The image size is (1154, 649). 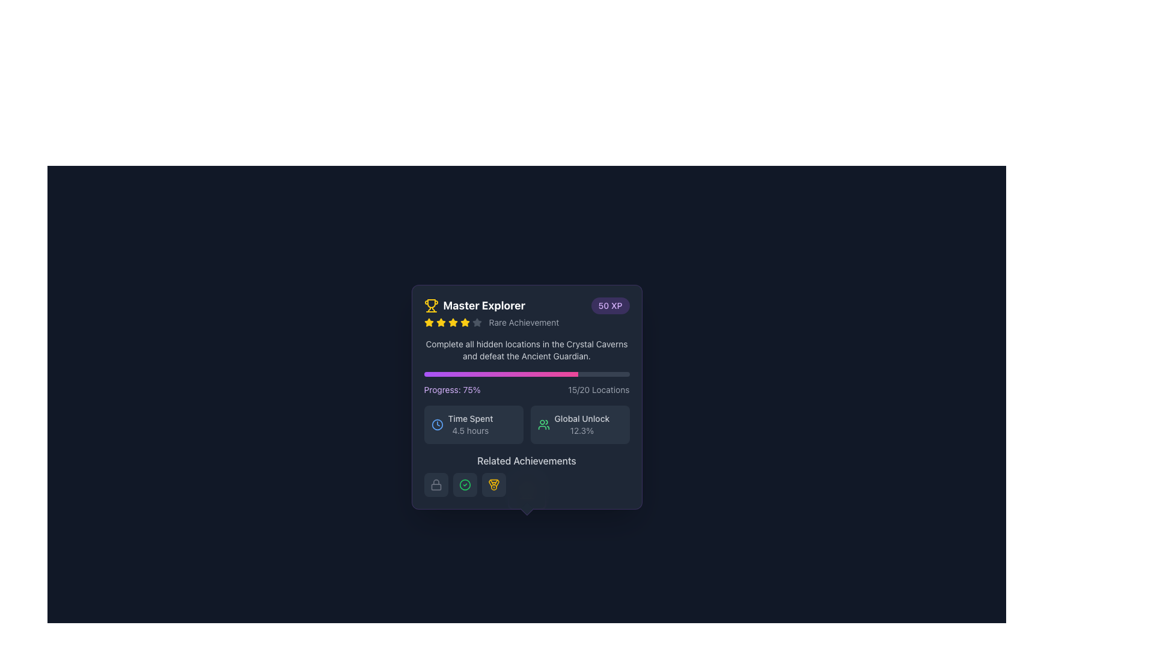 What do you see at coordinates (527, 374) in the screenshot?
I see `the progress bar that visually represents a 75% completion percentage, located near the bottom of the card in the section with the text 'Progress: 75% 15/20 Locations'` at bounding box center [527, 374].